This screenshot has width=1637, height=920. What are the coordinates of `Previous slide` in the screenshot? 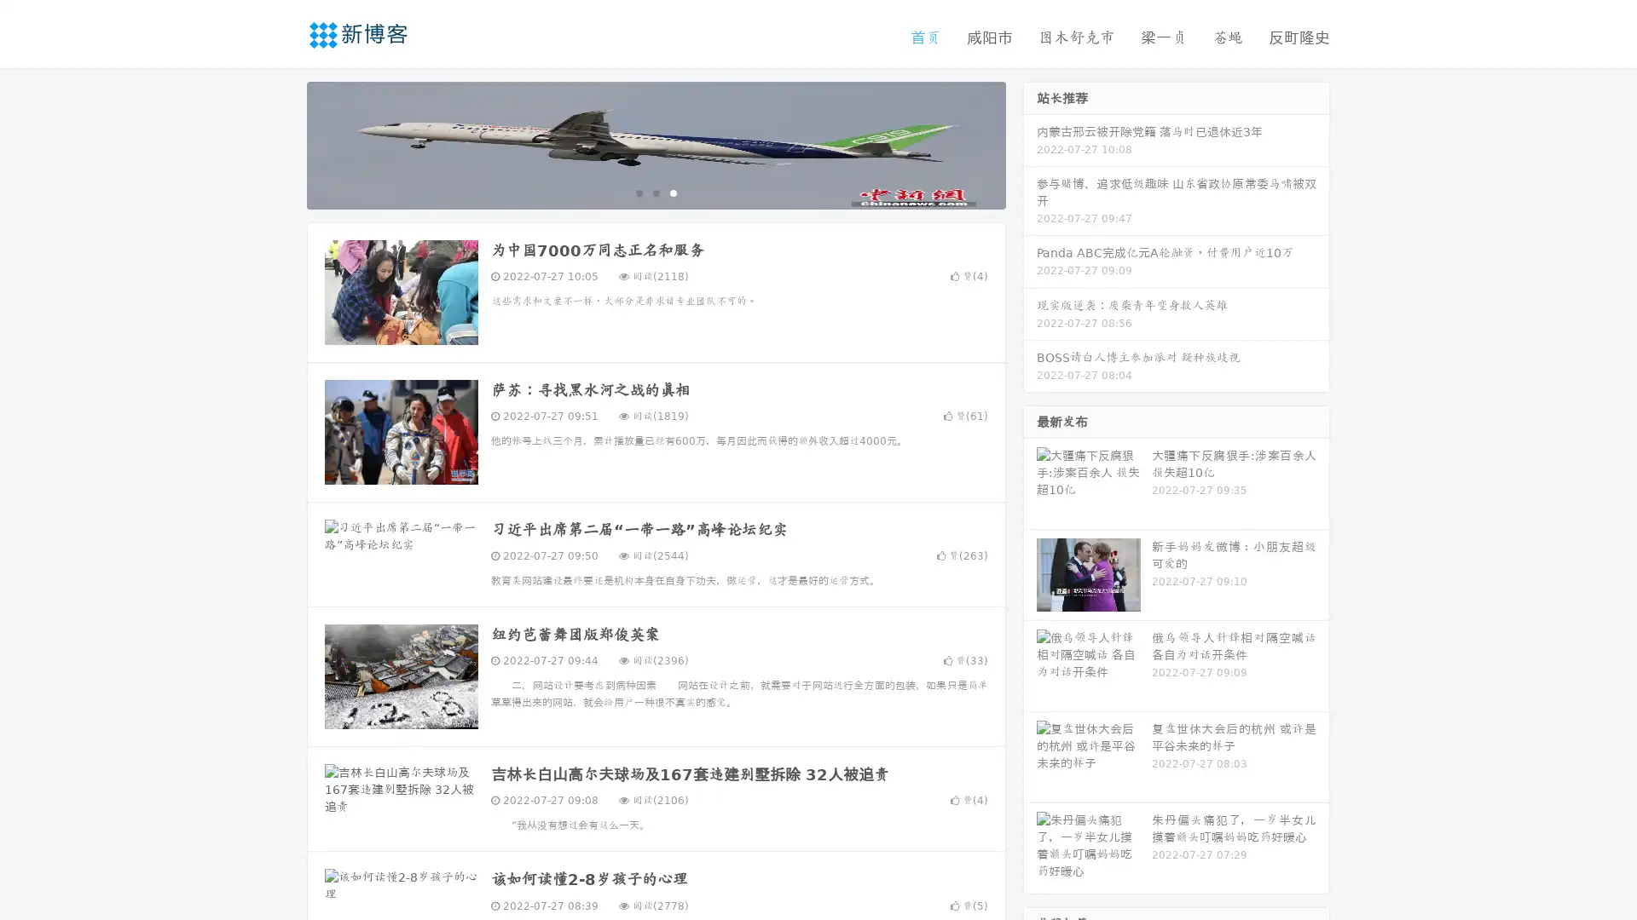 It's located at (281, 143).